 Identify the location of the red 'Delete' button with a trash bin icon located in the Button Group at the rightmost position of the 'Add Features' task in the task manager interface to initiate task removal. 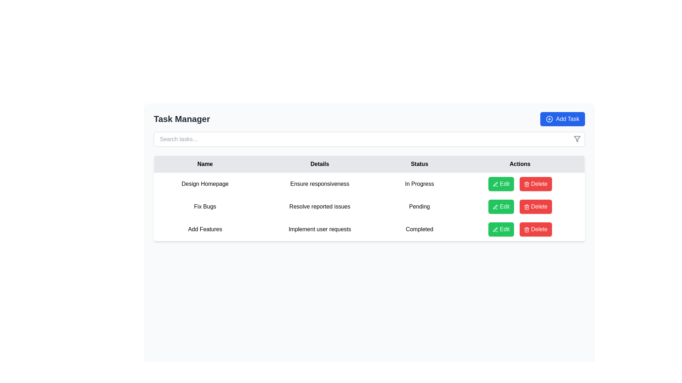
(520, 229).